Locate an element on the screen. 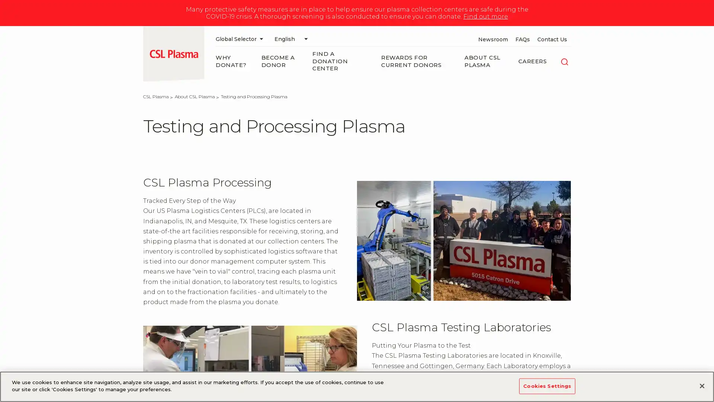 The width and height of the screenshot is (714, 402). Close is located at coordinates (701, 385).